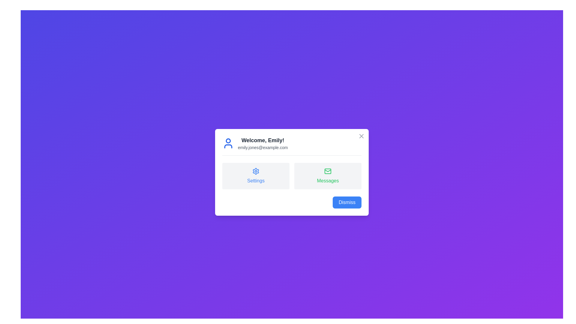  Describe the element at coordinates (347, 202) in the screenshot. I see `the 'Dismiss' button with a blue background and white text located in the bottom-right corner of the modal` at that location.